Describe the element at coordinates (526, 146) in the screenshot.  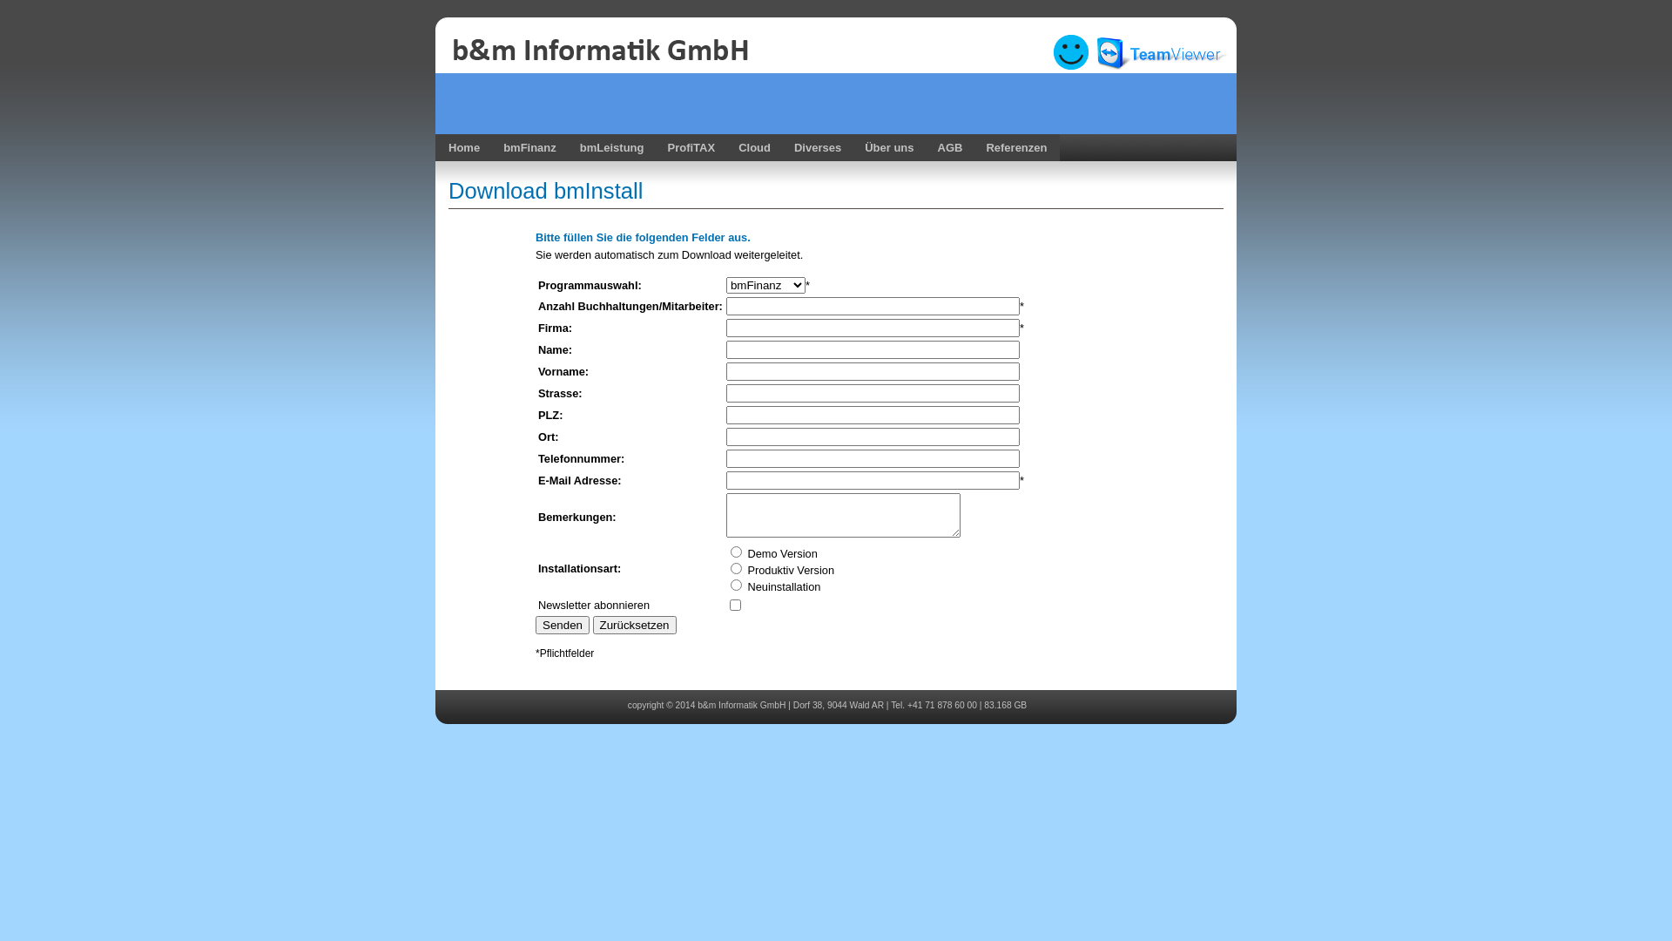
I see `'bmFinanz'` at that location.